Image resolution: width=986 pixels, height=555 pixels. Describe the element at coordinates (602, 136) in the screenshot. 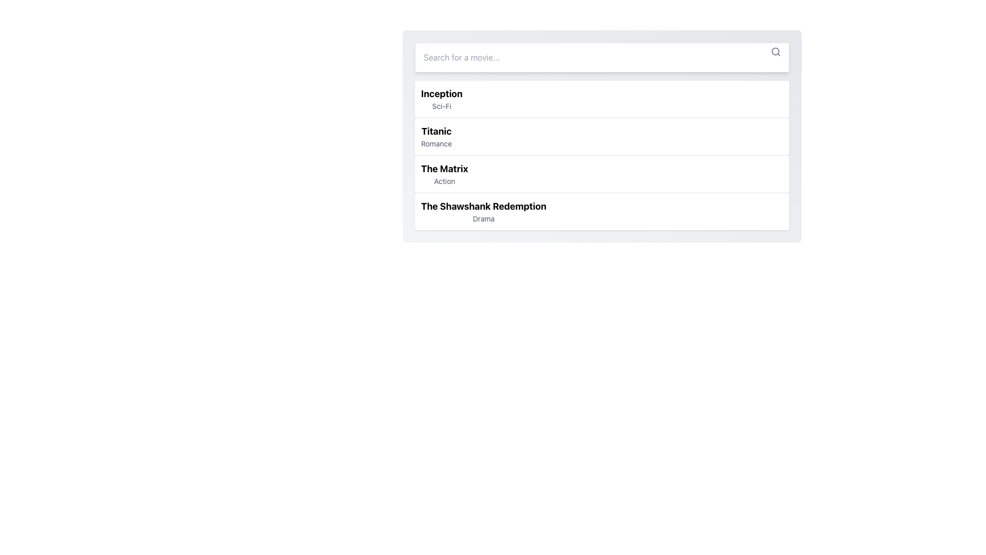

I see `the second list item displaying movie information for 'Titanic' in the vertically-stacked list` at that location.